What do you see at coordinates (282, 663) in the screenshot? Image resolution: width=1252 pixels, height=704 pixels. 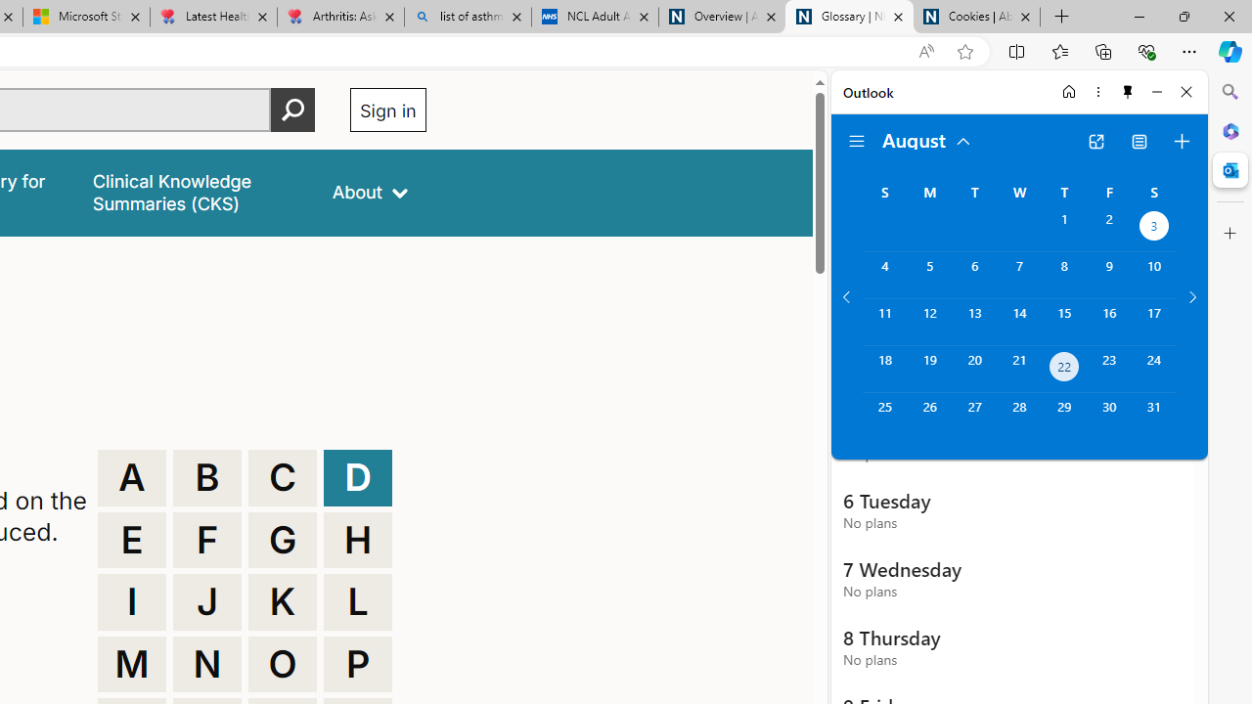 I see `'O'` at bounding box center [282, 663].